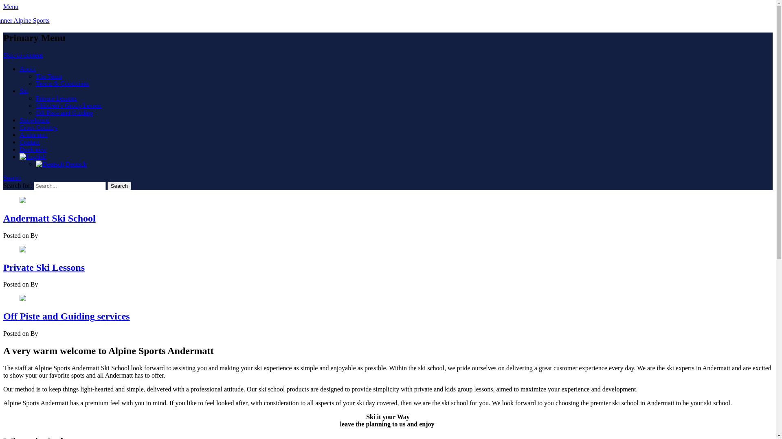  Describe the element at coordinates (11, 7) in the screenshot. I see `'Menu'` at that location.